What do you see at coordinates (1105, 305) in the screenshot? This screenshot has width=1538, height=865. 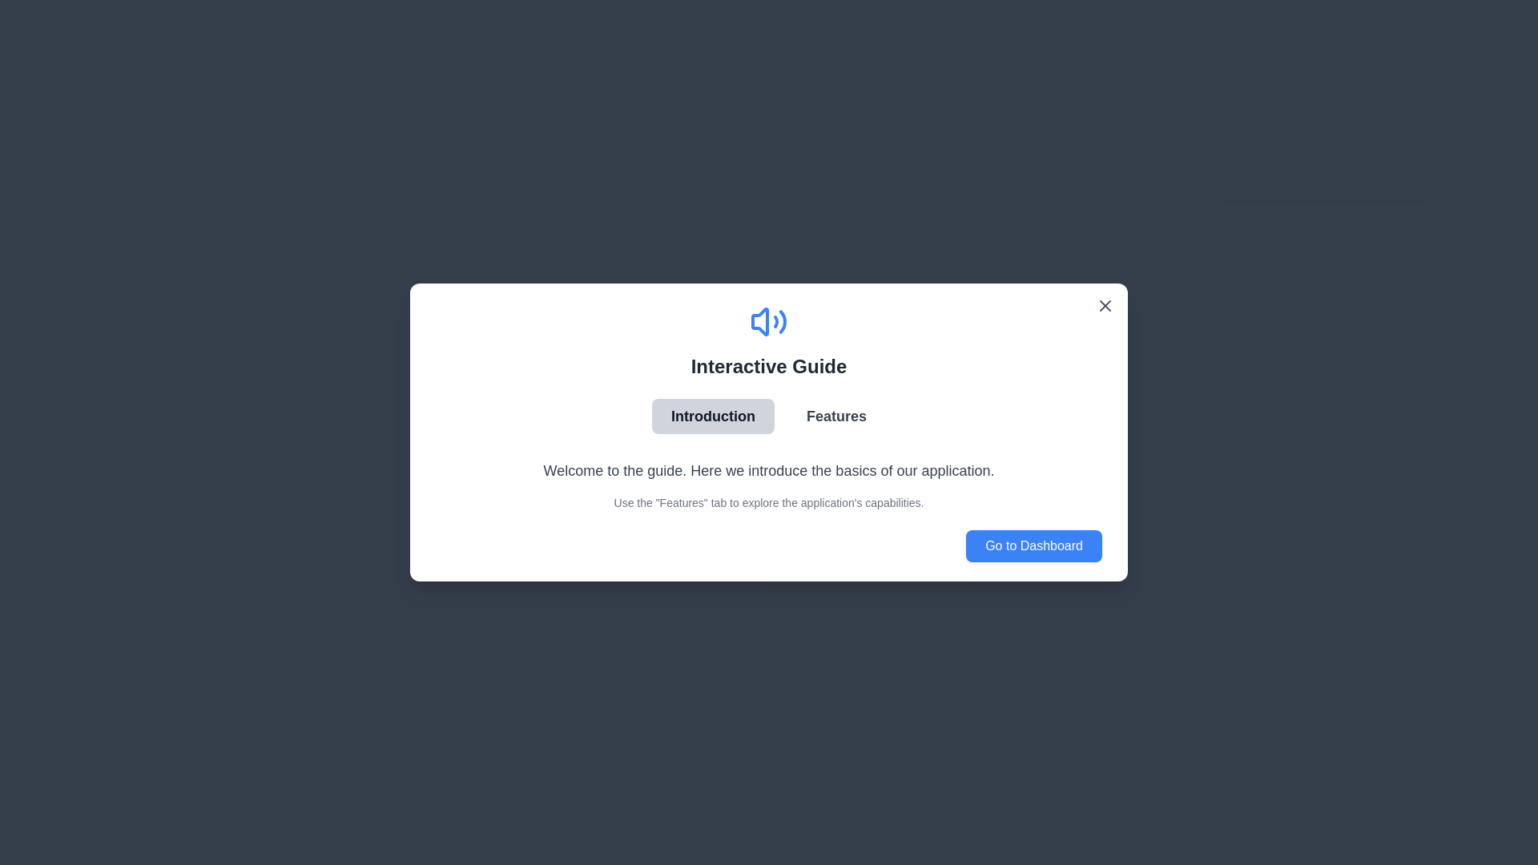 I see `the close button located in the top-right corner of the modal window to change its color` at bounding box center [1105, 305].